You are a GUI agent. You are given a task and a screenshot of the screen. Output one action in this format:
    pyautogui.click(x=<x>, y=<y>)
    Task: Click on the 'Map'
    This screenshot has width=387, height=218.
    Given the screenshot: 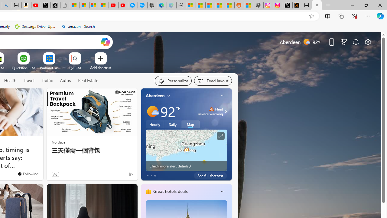 What is the action you would take?
    pyautogui.click(x=190, y=124)
    